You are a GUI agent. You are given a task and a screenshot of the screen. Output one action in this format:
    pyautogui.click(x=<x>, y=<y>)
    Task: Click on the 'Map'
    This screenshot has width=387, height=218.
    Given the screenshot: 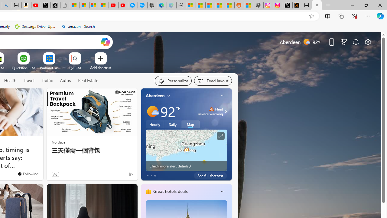 What is the action you would take?
    pyautogui.click(x=190, y=124)
    